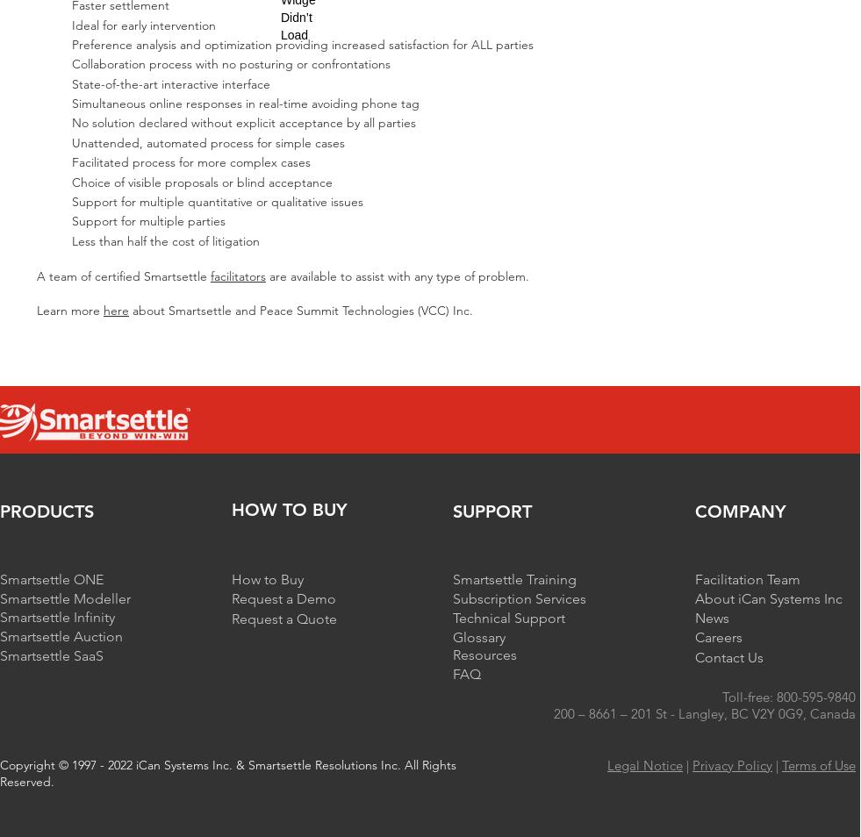 The image size is (861, 837). Describe the element at coordinates (740, 510) in the screenshot. I see `'COMPANY'` at that location.